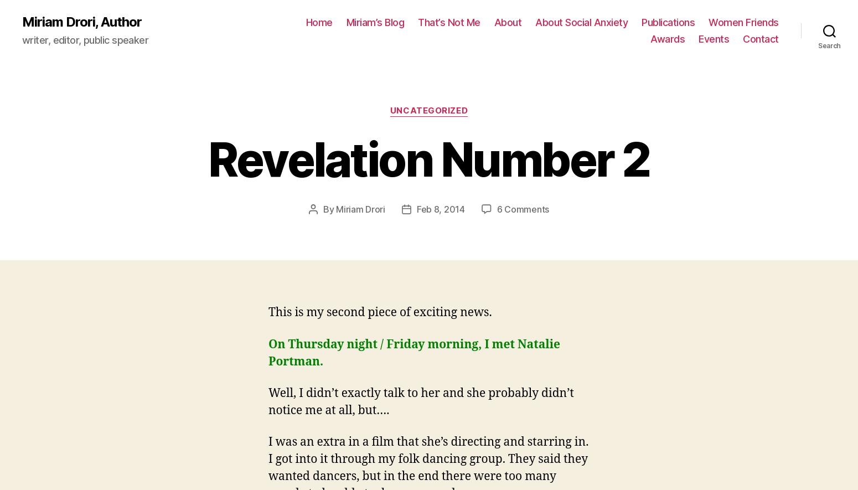  Describe the element at coordinates (267, 262) in the screenshot. I see `'Good for you. I think doing anything like that must require an enormous amount of patience! (Two of my nephews have been involved in films and I heard a lot about how “boring” it was when they weren’t doing something.)'` at that location.